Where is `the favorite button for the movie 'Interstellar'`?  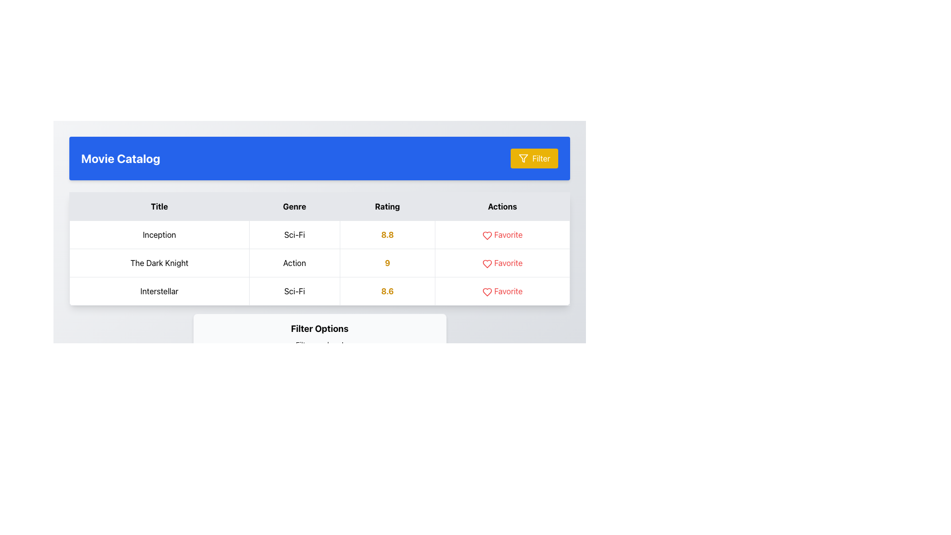 the favorite button for the movie 'Interstellar' is located at coordinates (502, 290).